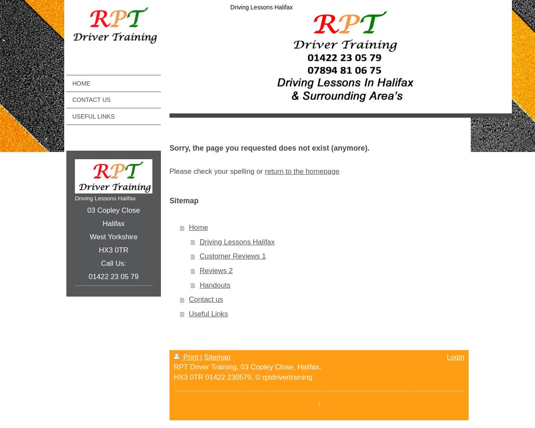 The height and width of the screenshot is (428, 535). What do you see at coordinates (301, 171) in the screenshot?
I see `'return to the homepage'` at bounding box center [301, 171].